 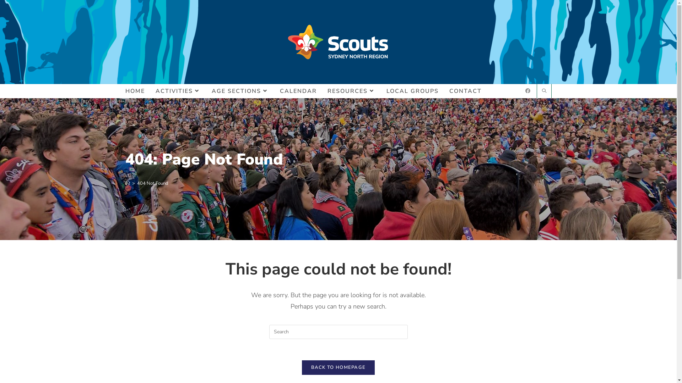 I want to click on 'LOCAL GROUPS', so click(x=412, y=91).